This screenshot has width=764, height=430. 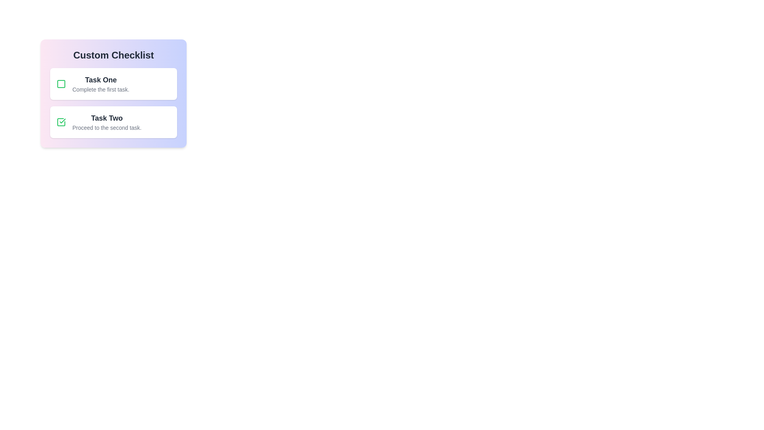 I want to click on the SVG rectangle that serves as a visual indicator for 'Task One' in the checklist interface, so click(x=60, y=84).